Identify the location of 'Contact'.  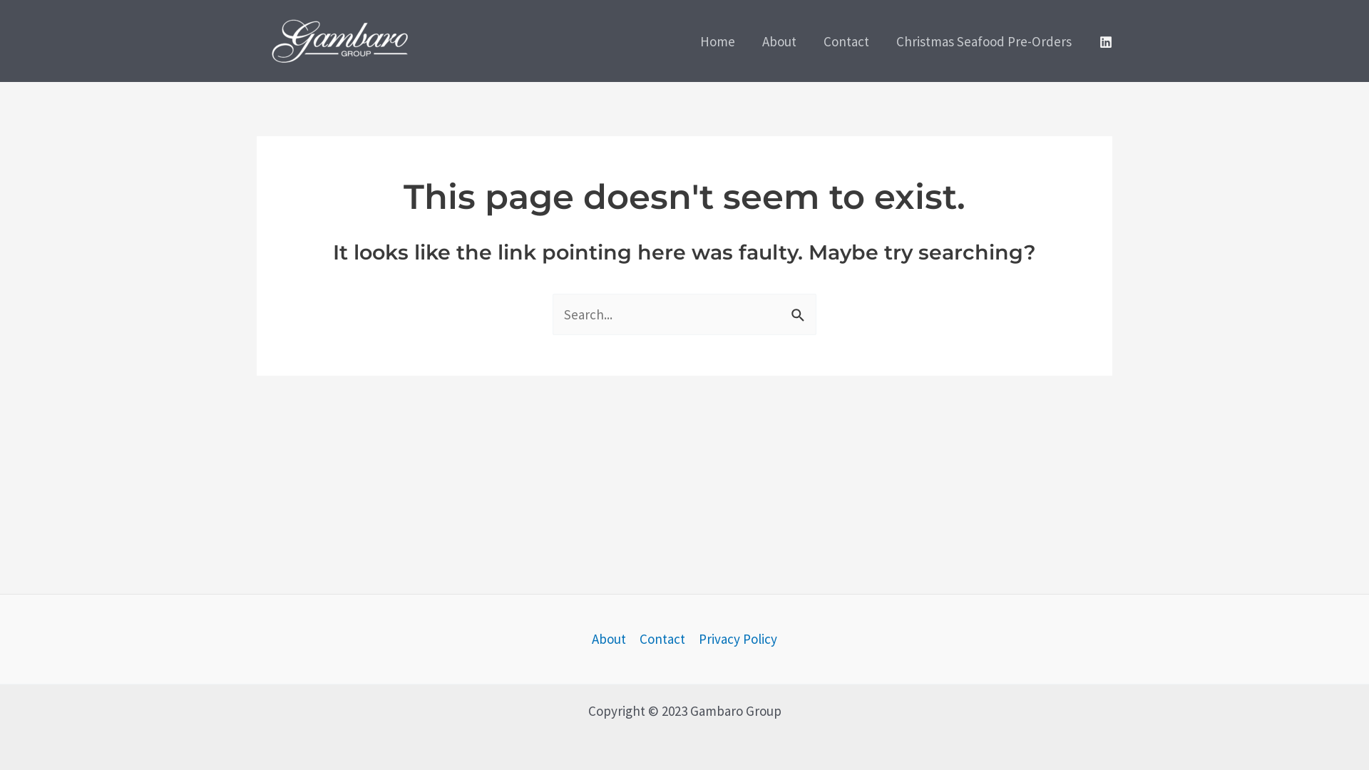
(661, 638).